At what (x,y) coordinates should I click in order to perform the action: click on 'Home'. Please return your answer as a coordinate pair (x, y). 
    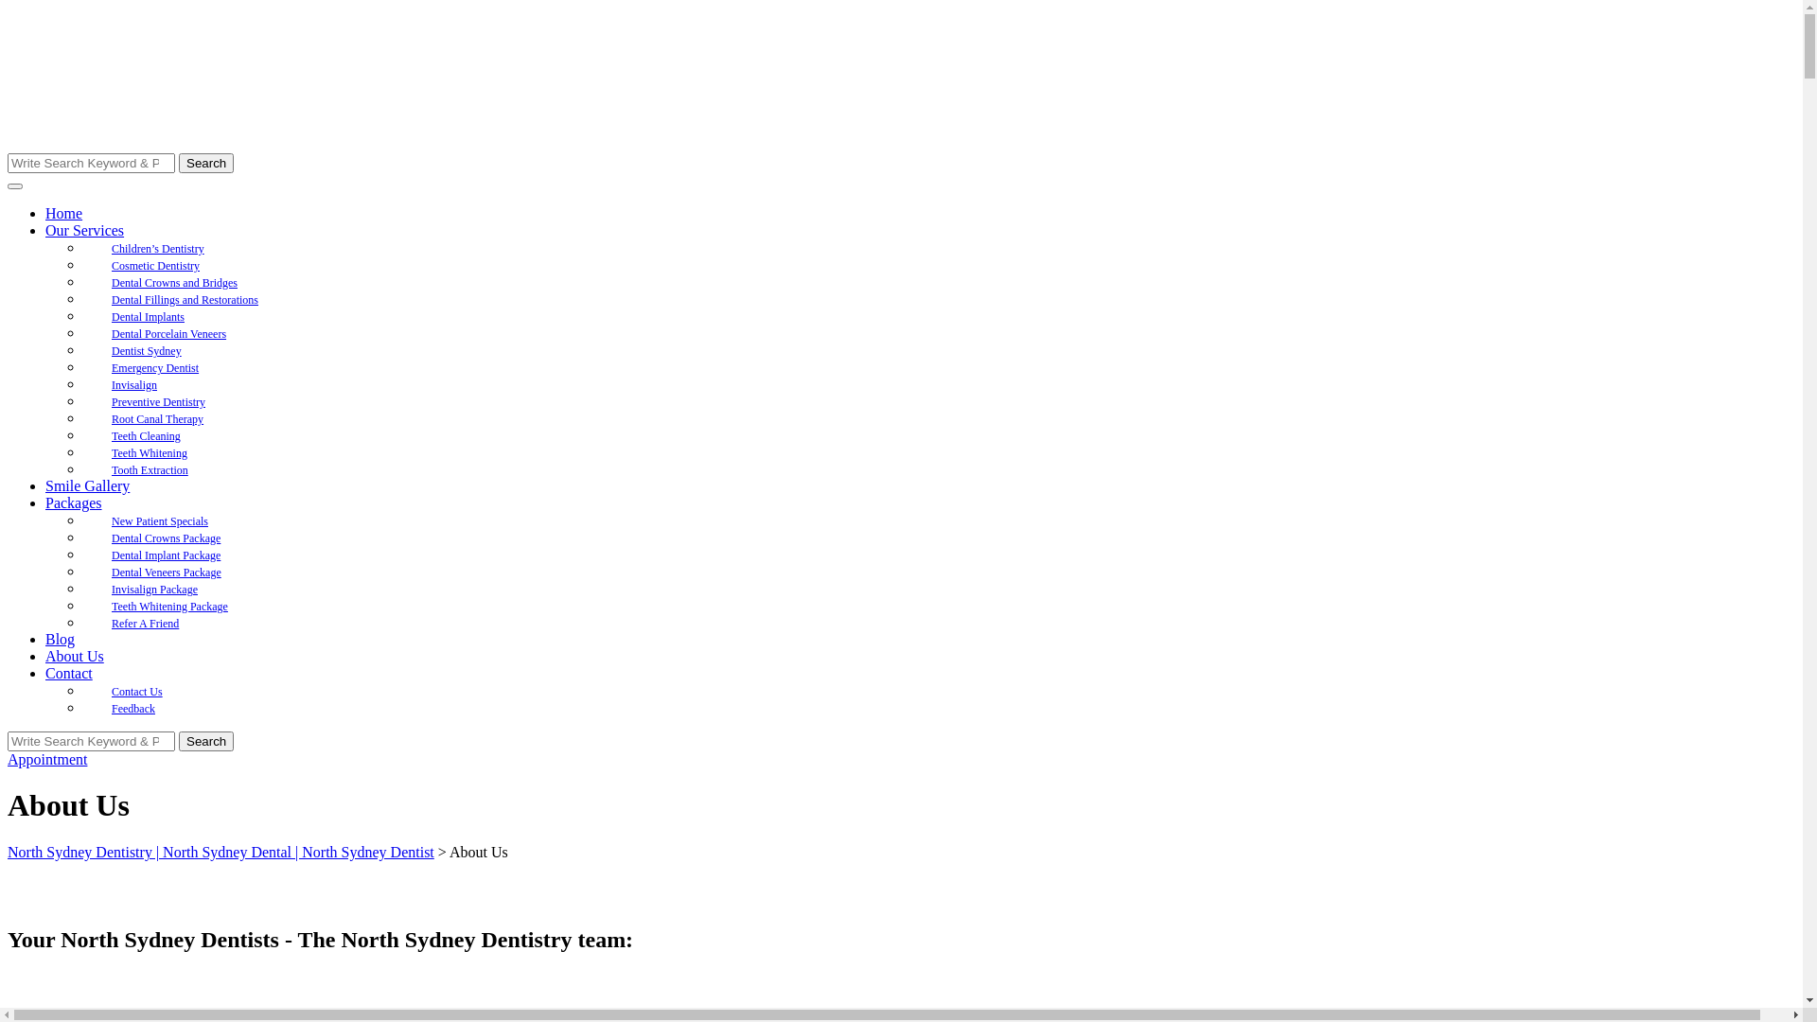
    Looking at the image, I should click on (63, 213).